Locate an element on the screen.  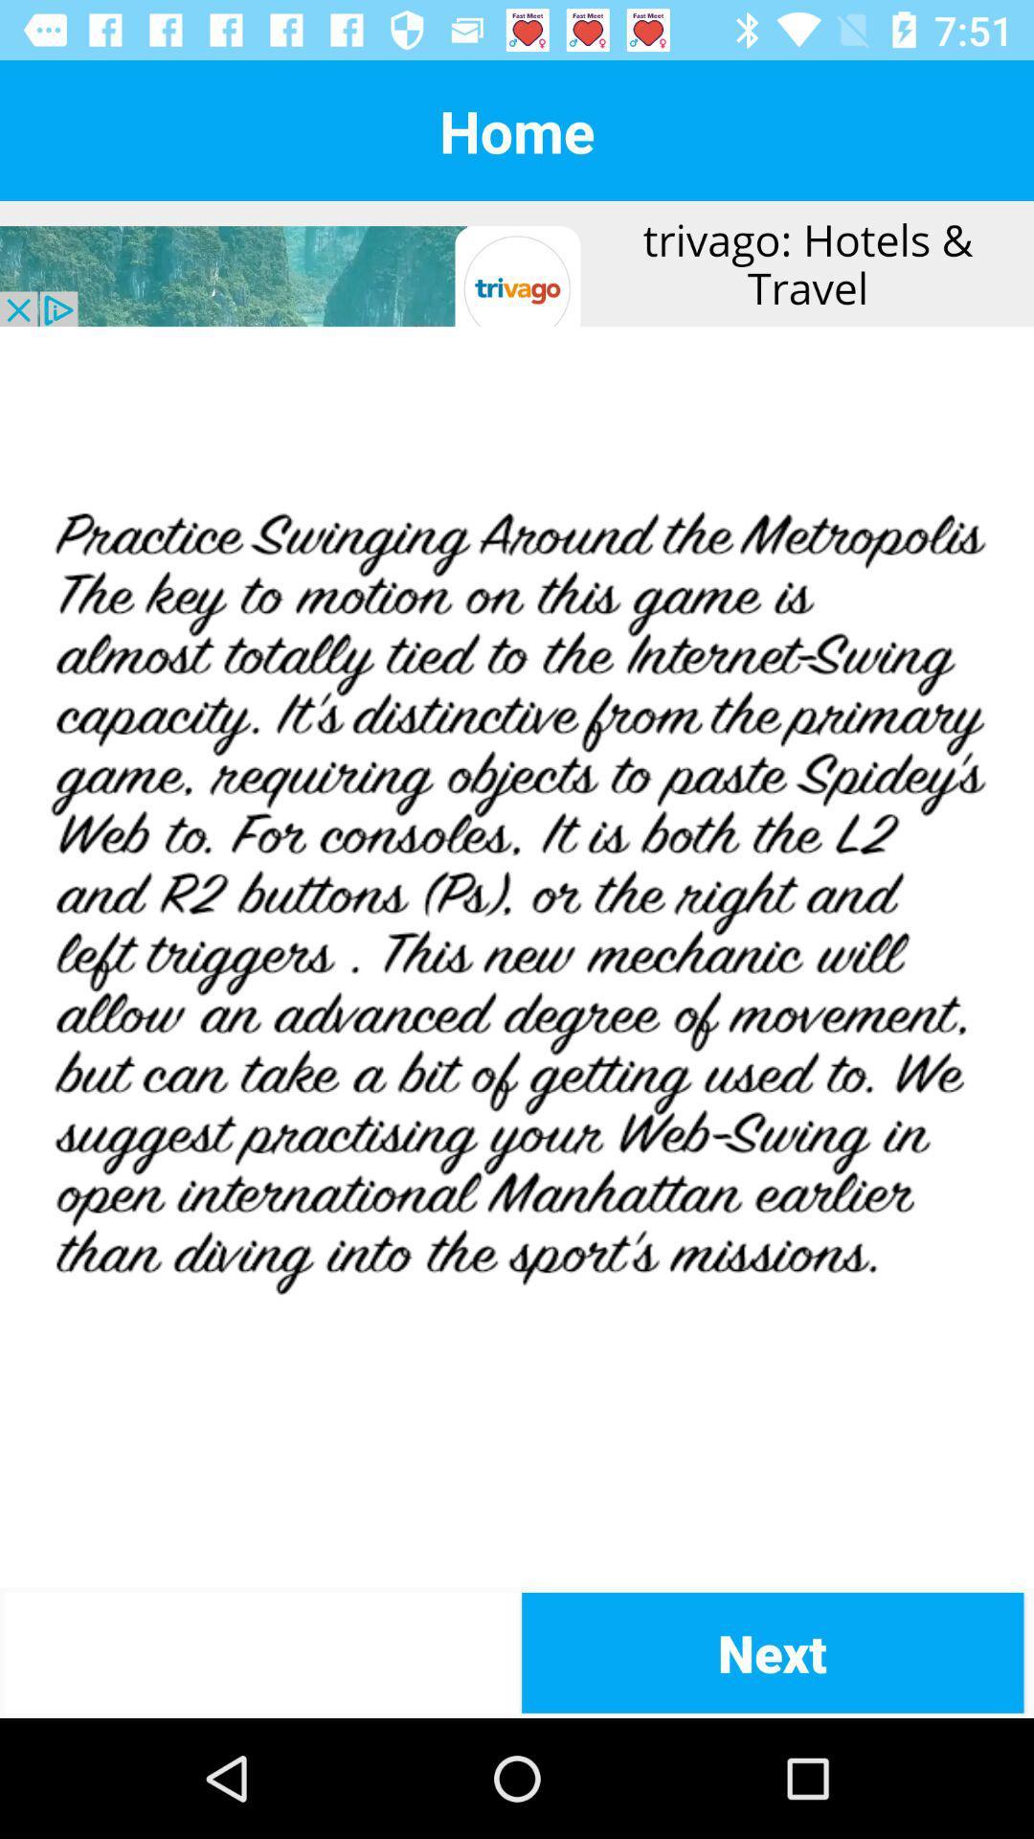
advertisement at top is located at coordinates (517, 262).